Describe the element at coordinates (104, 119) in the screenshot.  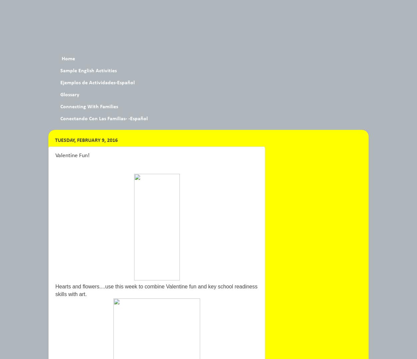
I see `'Conectando Con Las Familias- -Español'` at that location.